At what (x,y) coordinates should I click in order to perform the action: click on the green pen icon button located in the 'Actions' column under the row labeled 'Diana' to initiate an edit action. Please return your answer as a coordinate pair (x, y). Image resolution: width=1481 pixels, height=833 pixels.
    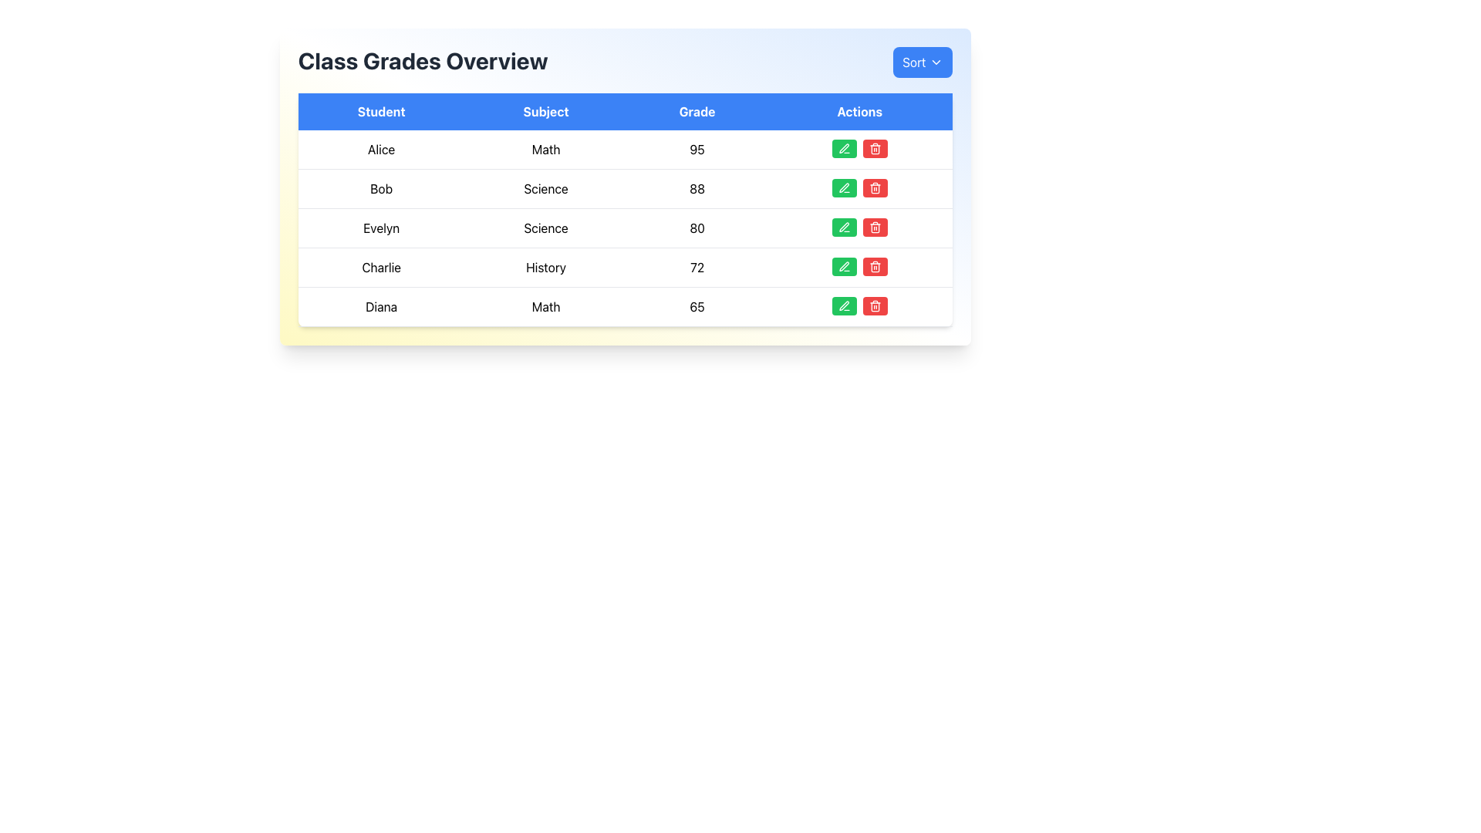
    Looking at the image, I should click on (843, 305).